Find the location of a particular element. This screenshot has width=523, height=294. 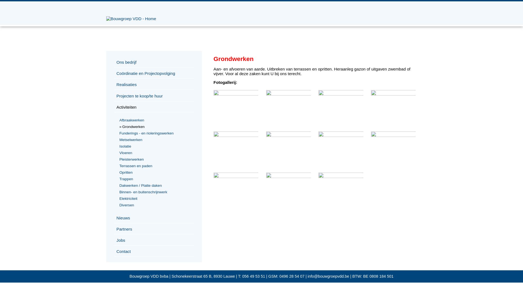

'Realisaties' is located at coordinates (154, 85).